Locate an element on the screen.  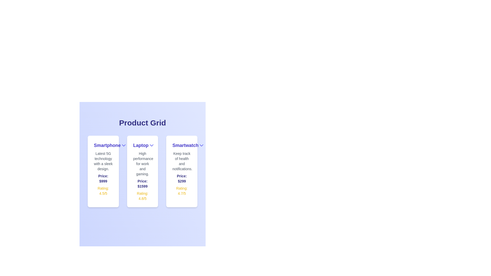
descriptive text label about the smartphone, which is located below the title 'Smartphone' and above the 'Price: $999' in the first card of the grid layout is located at coordinates (103, 161).